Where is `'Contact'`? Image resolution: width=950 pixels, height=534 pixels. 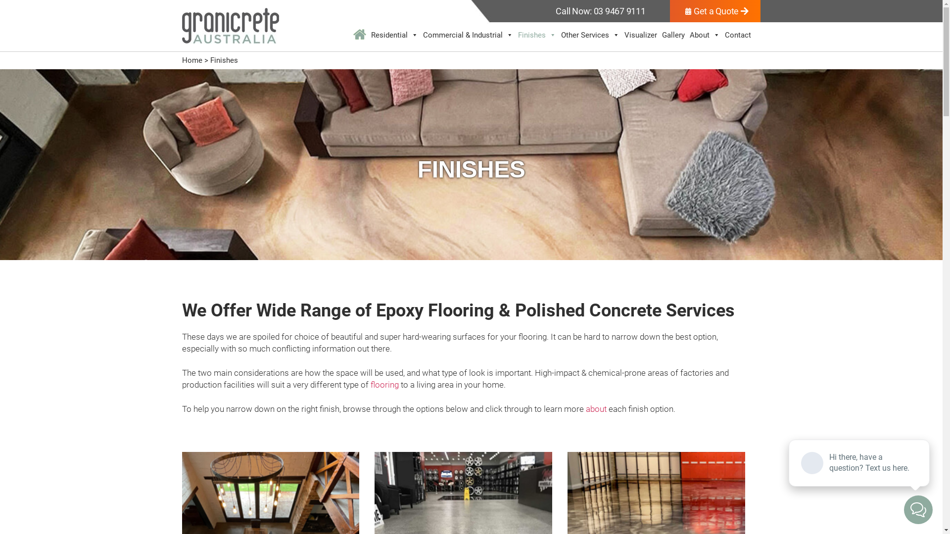 'Contact' is located at coordinates (738, 34).